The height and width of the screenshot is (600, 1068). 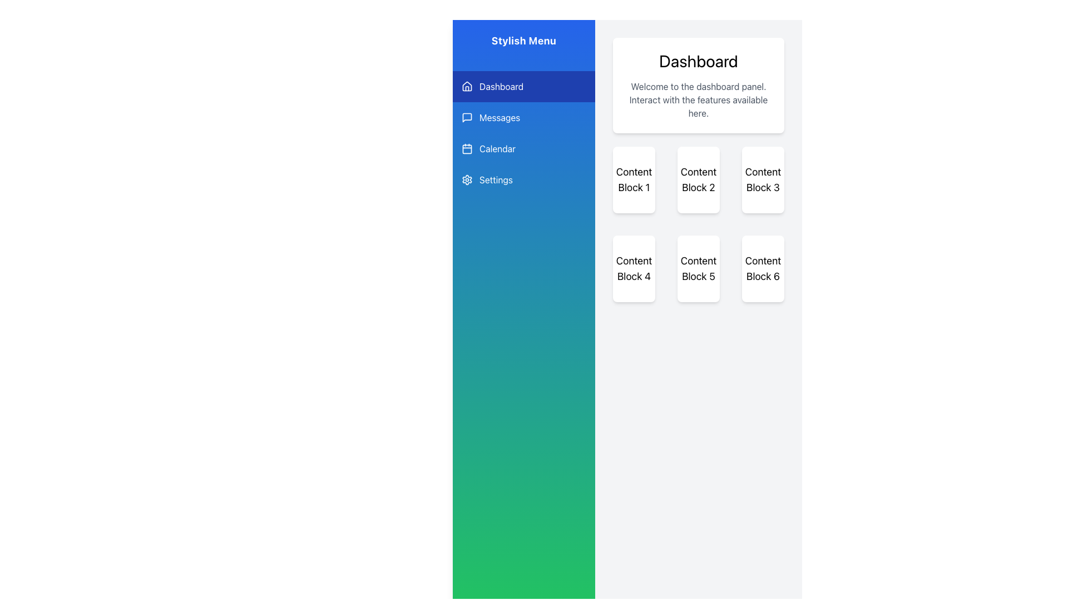 I want to click on the Content Block 3 element, so click(x=763, y=179).